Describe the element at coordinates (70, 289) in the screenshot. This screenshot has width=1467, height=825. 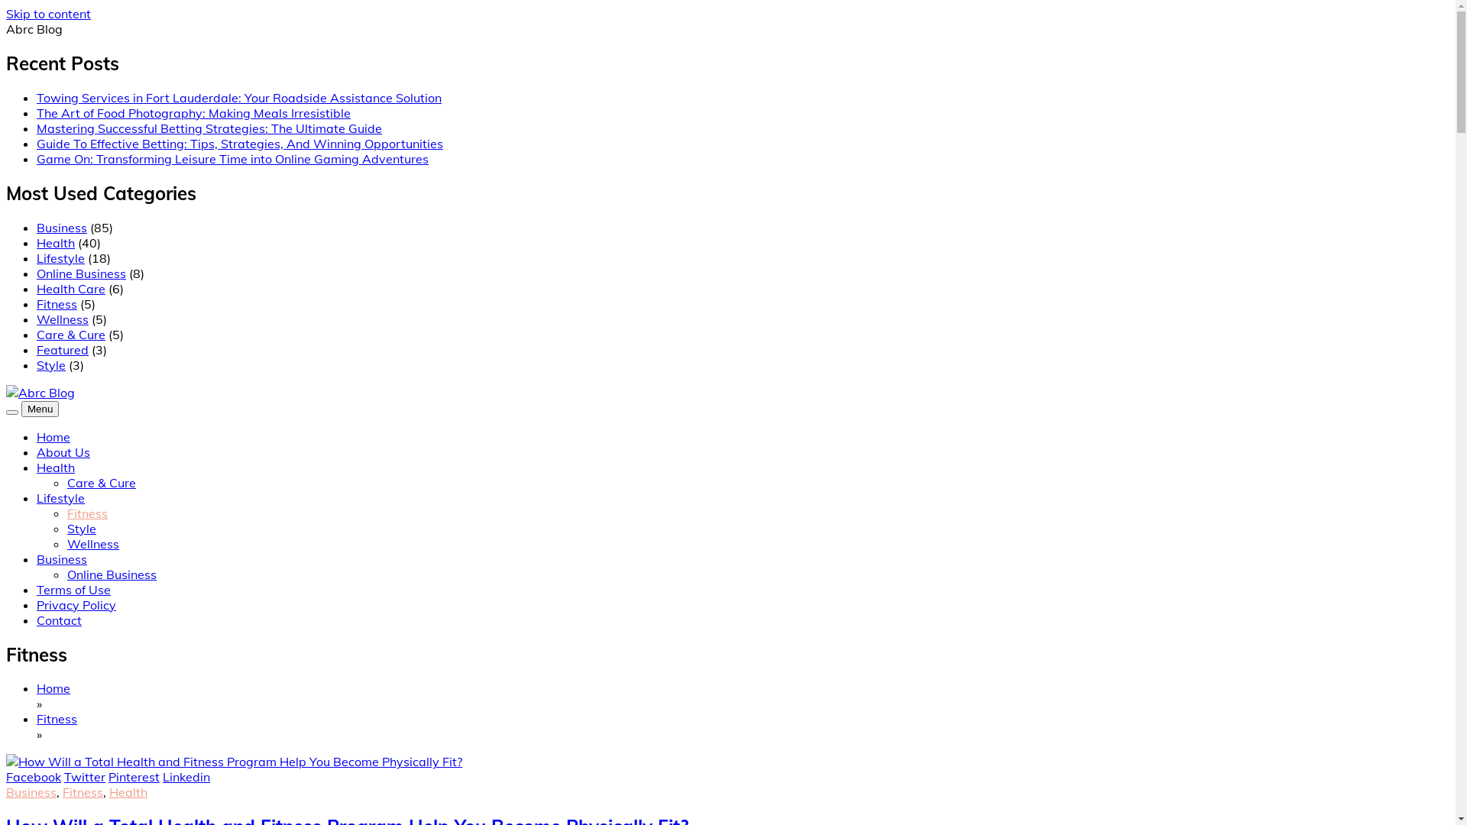
I see `'Health Care'` at that location.